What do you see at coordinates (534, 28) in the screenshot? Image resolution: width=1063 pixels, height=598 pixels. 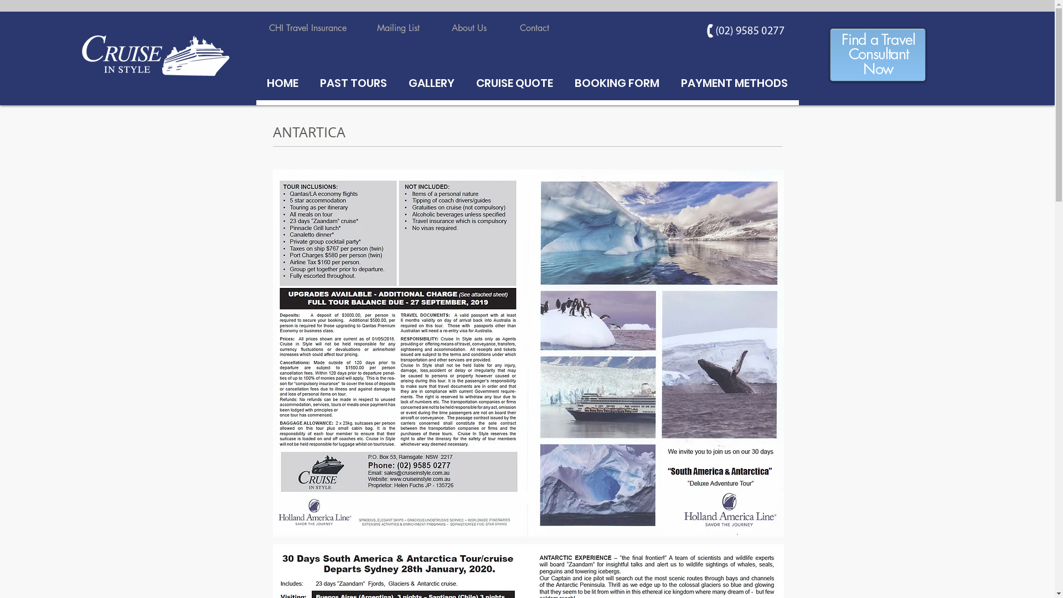 I see `'Contact'` at bounding box center [534, 28].